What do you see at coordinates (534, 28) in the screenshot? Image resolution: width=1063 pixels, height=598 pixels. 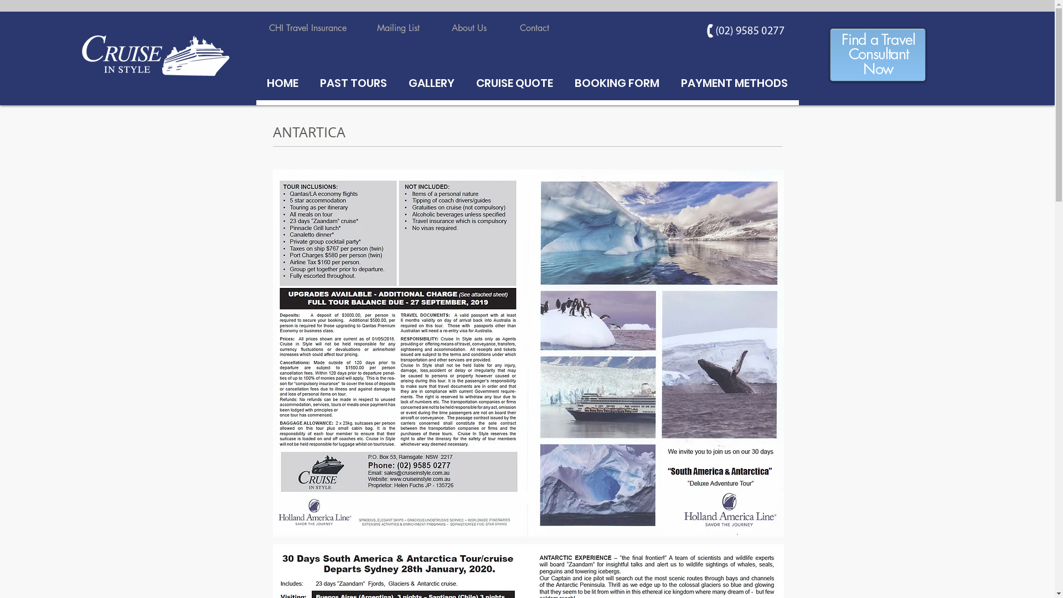 I see `'Contact'` at bounding box center [534, 28].